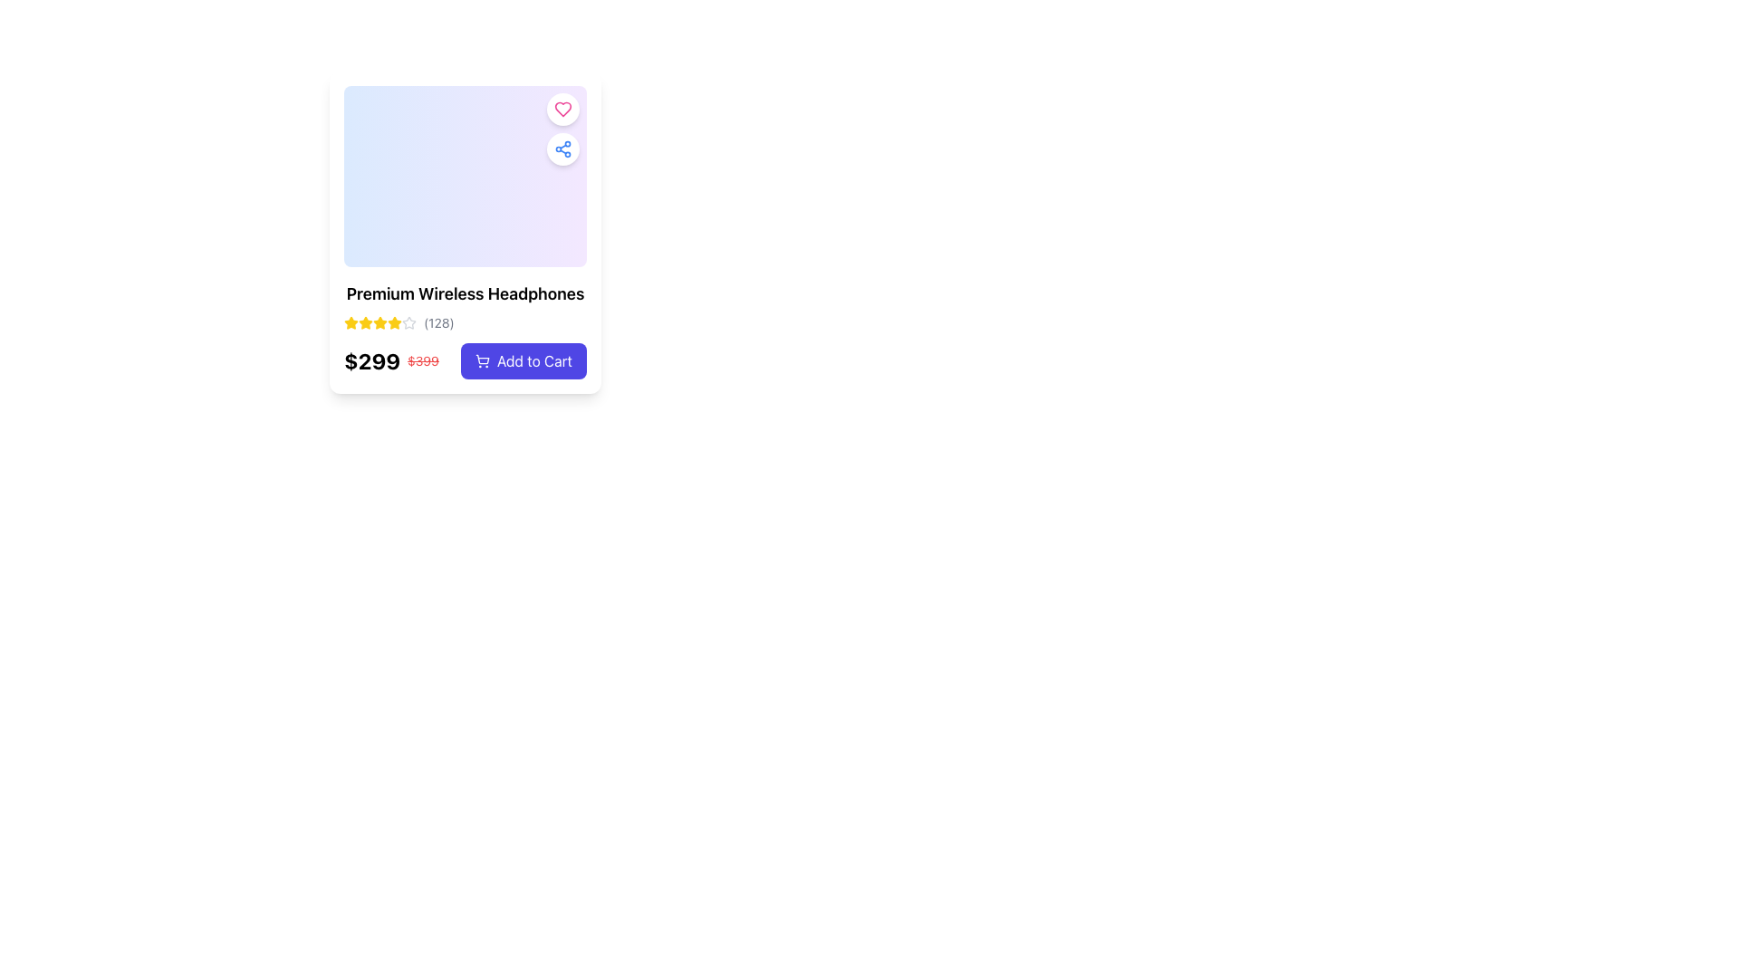 The width and height of the screenshot is (1739, 978). What do you see at coordinates (351, 321) in the screenshot?
I see `the second star icon in the 5-star rating system, which is yellow with a gradient and located beneath the product title` at bounding box center [351, 321].